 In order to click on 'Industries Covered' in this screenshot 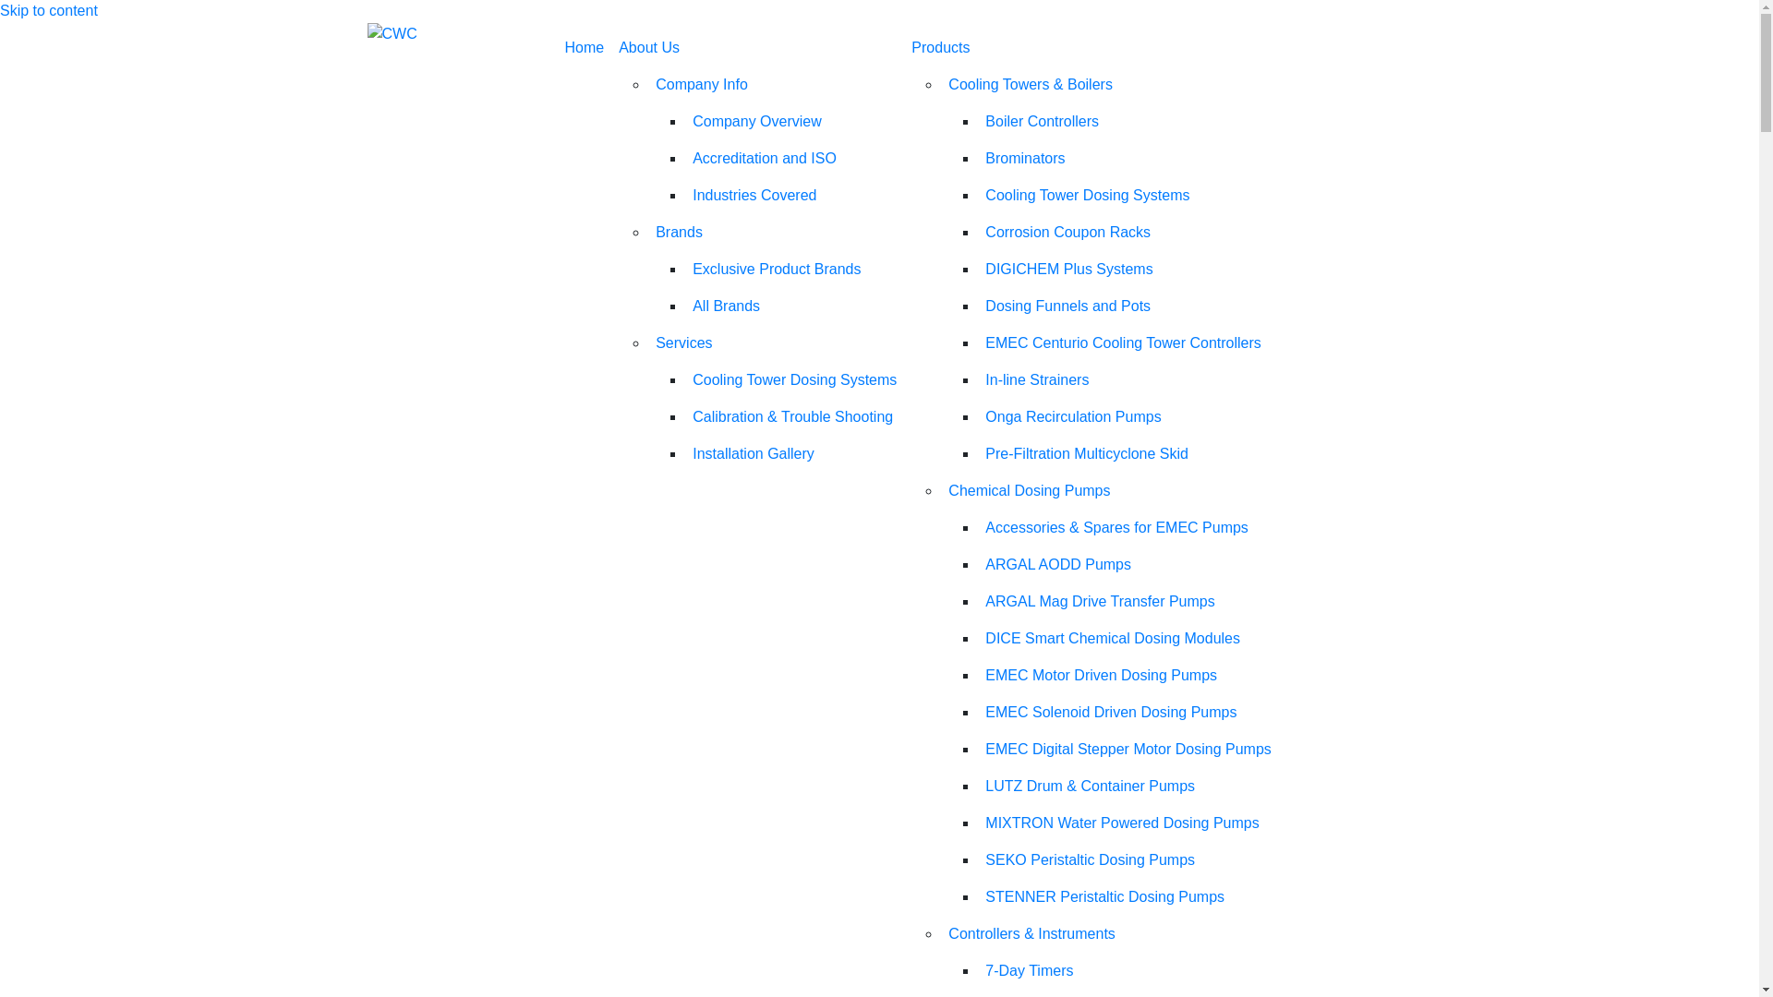, I will do `click(684, 196)`.